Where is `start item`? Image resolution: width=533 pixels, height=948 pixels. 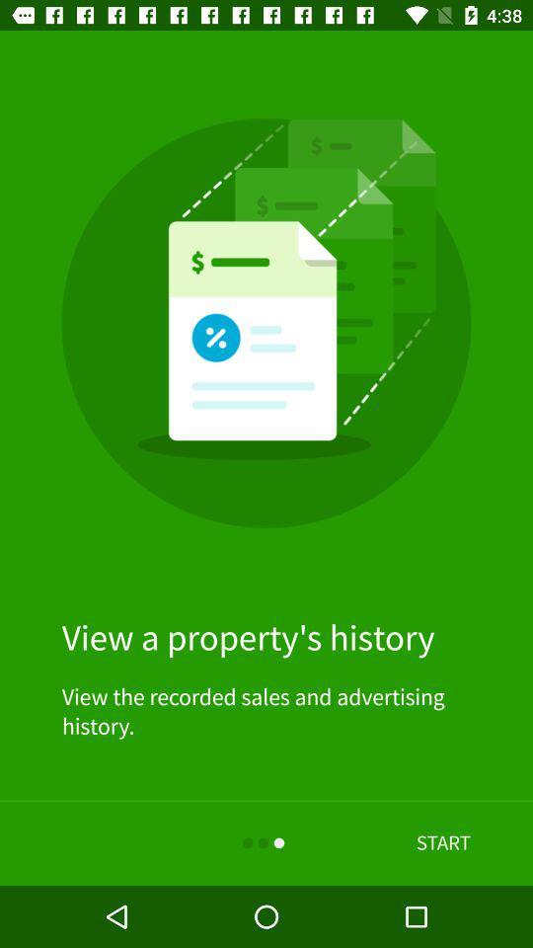 start item is located at coordinates (443, 842).